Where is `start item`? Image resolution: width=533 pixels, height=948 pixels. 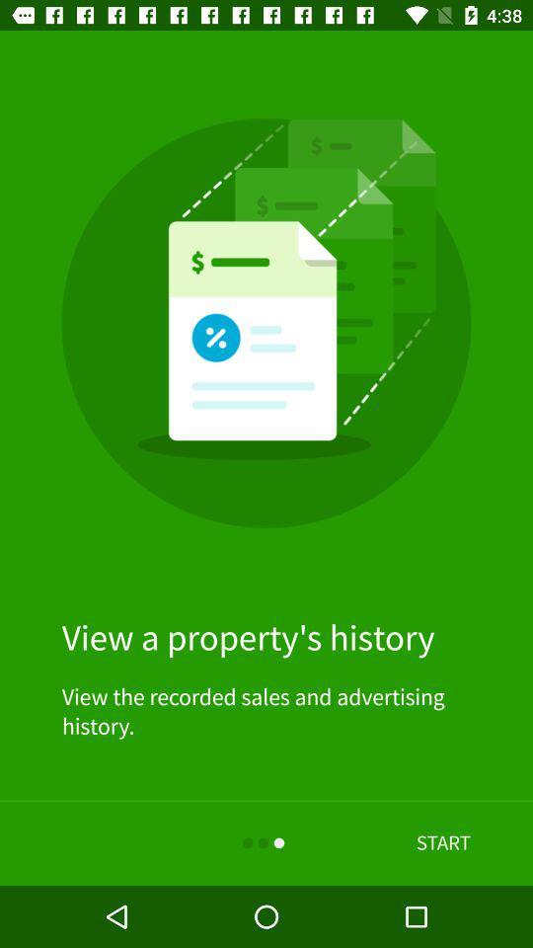 start item is located at coordinates (443, 842).